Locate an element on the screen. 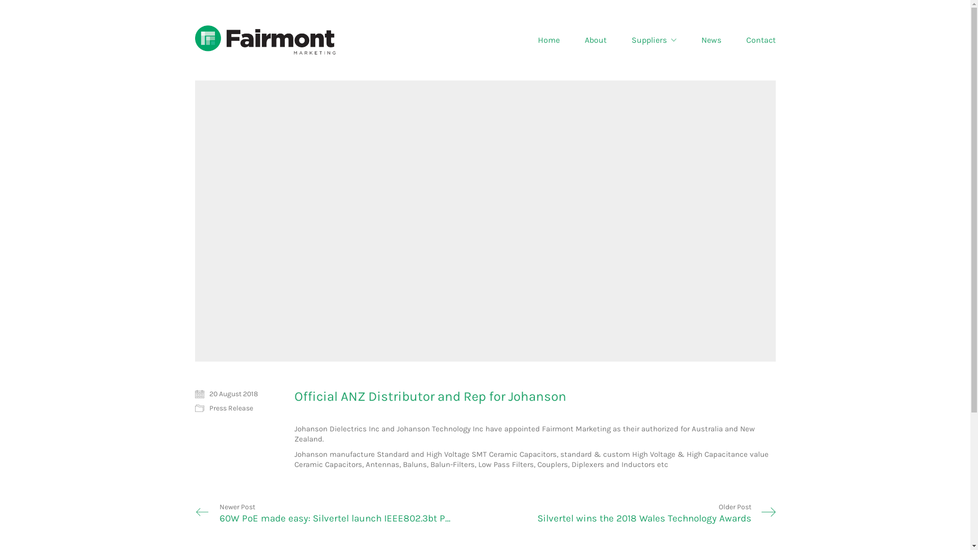  'Home' is located at coordinates (548, 39).